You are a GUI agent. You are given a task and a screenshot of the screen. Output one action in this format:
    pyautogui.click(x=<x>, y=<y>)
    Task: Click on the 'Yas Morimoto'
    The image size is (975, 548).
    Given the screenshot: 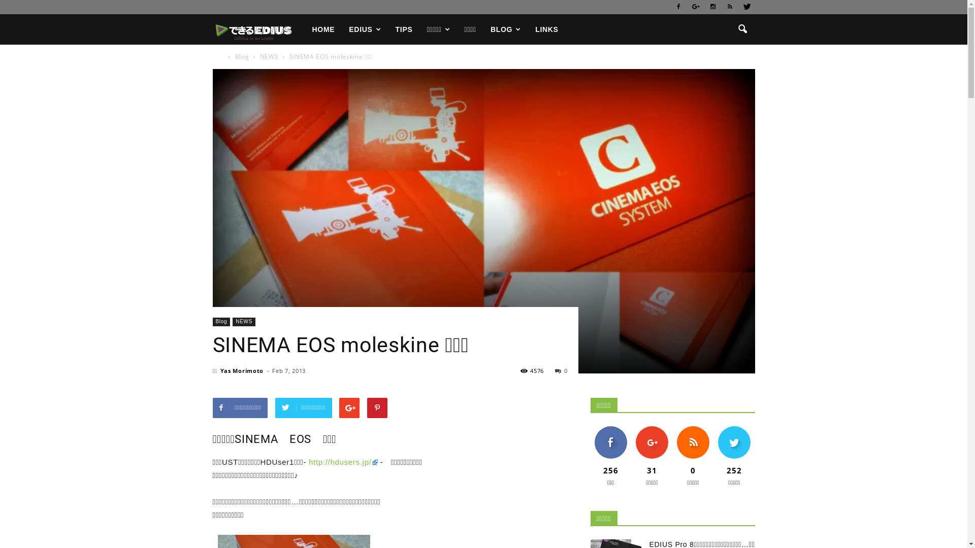 What is the action you would take?
    pyautogui.click(x=219, y=370)
    